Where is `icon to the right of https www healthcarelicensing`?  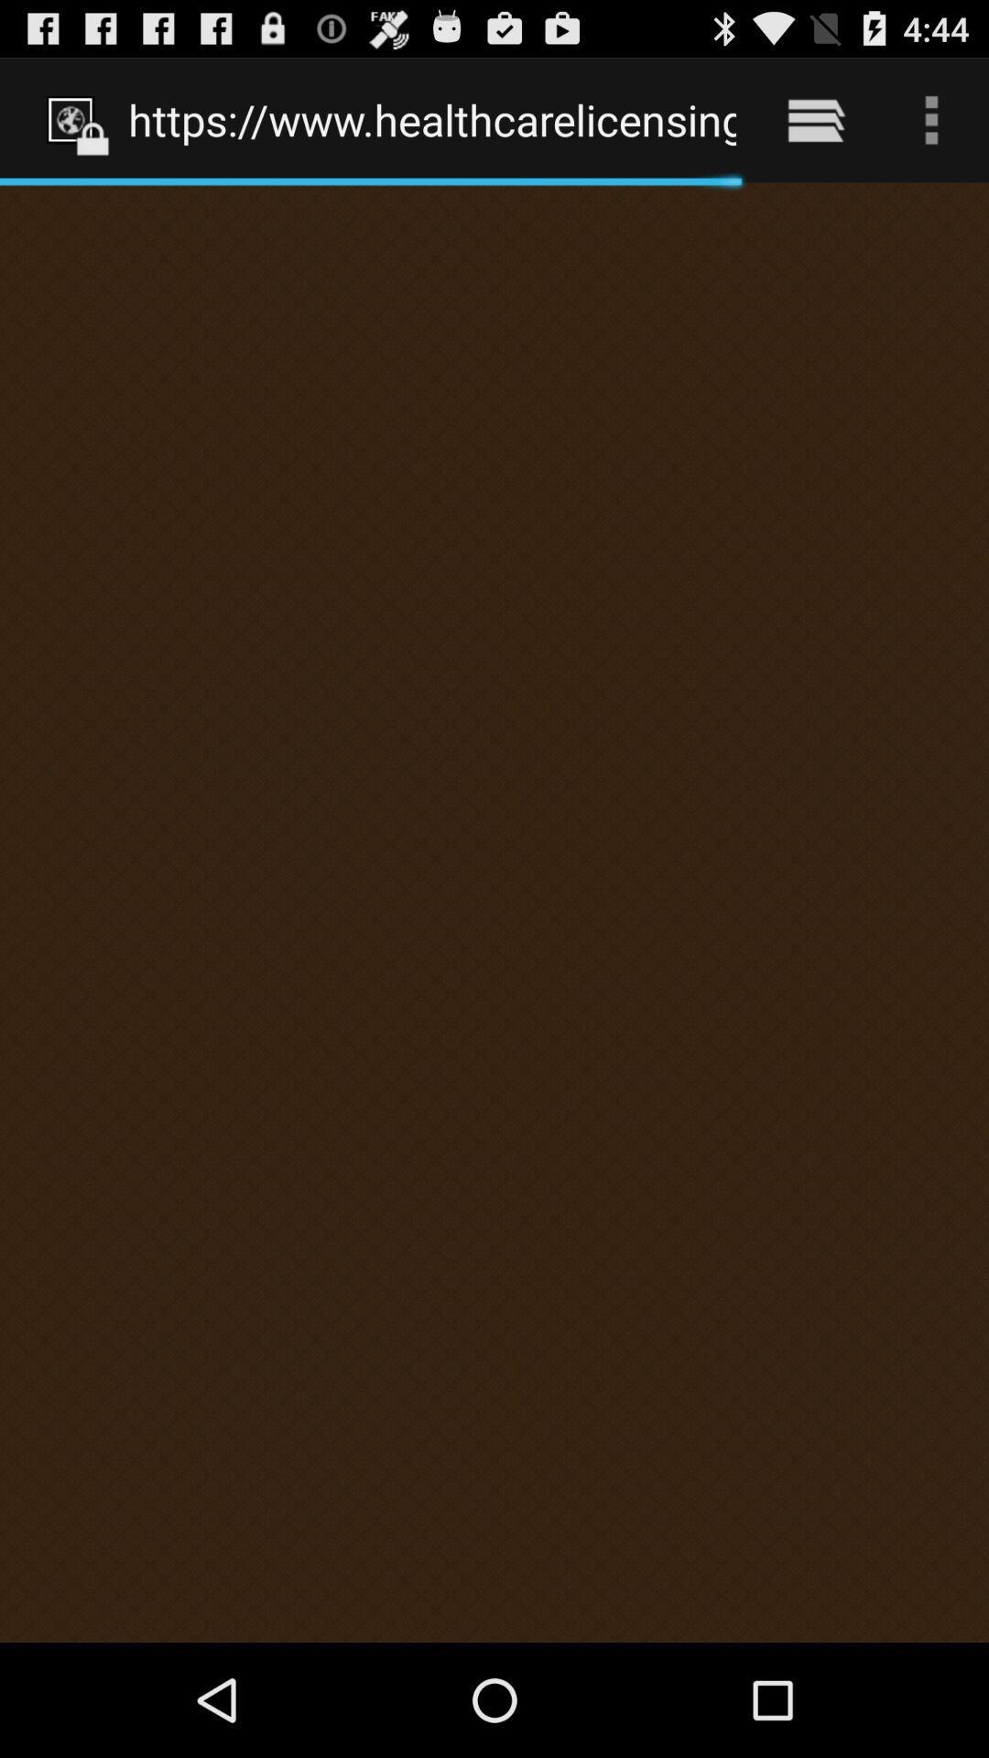 icon to the right of https www healthcarelicensing is located at coordinates (815, 119).